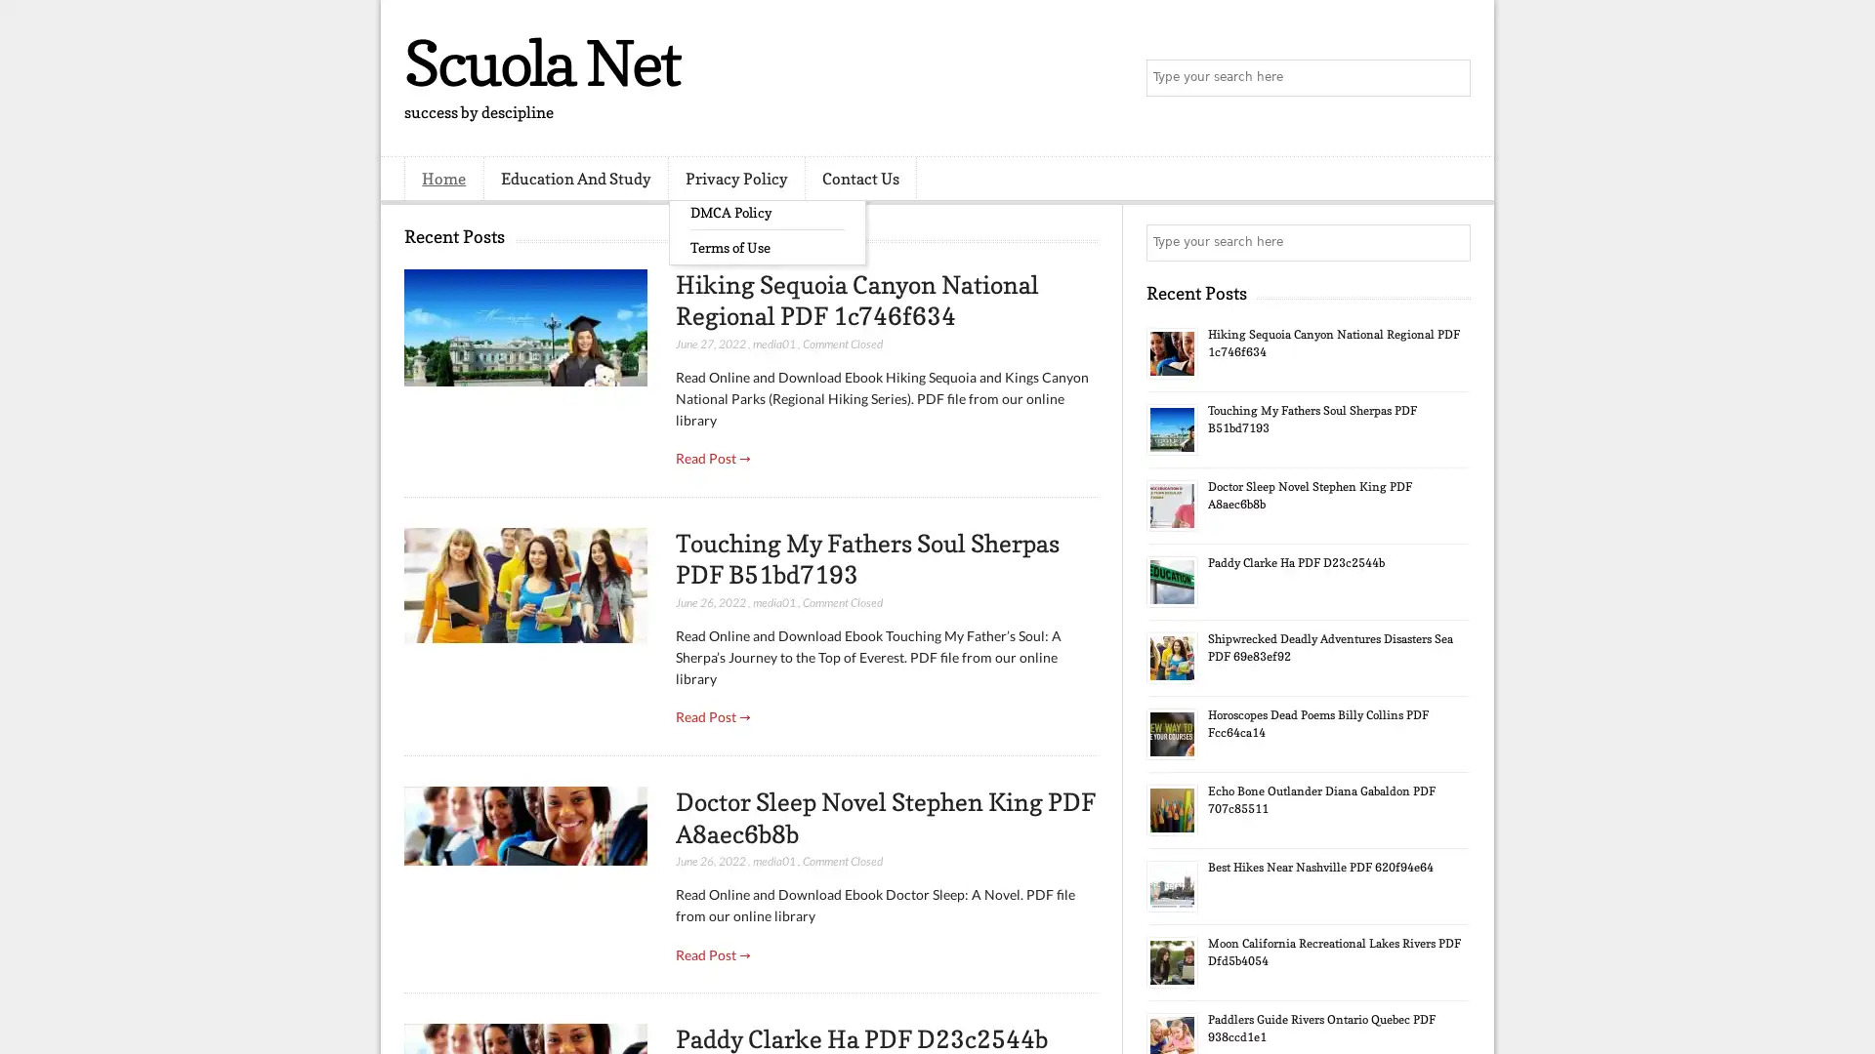 This screenshot has width=1875, height=1054. I want to click on Search, so click(1450, 78).